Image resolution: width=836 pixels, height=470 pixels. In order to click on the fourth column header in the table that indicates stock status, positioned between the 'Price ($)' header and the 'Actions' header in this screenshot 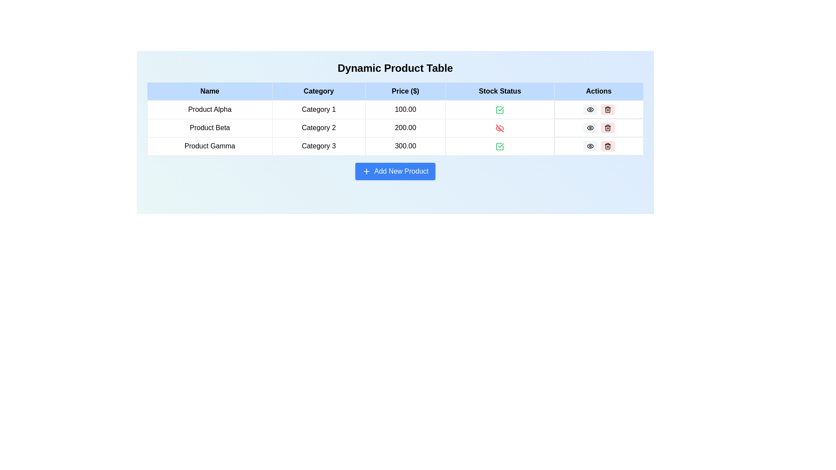, I will do `click(500, 91)`.